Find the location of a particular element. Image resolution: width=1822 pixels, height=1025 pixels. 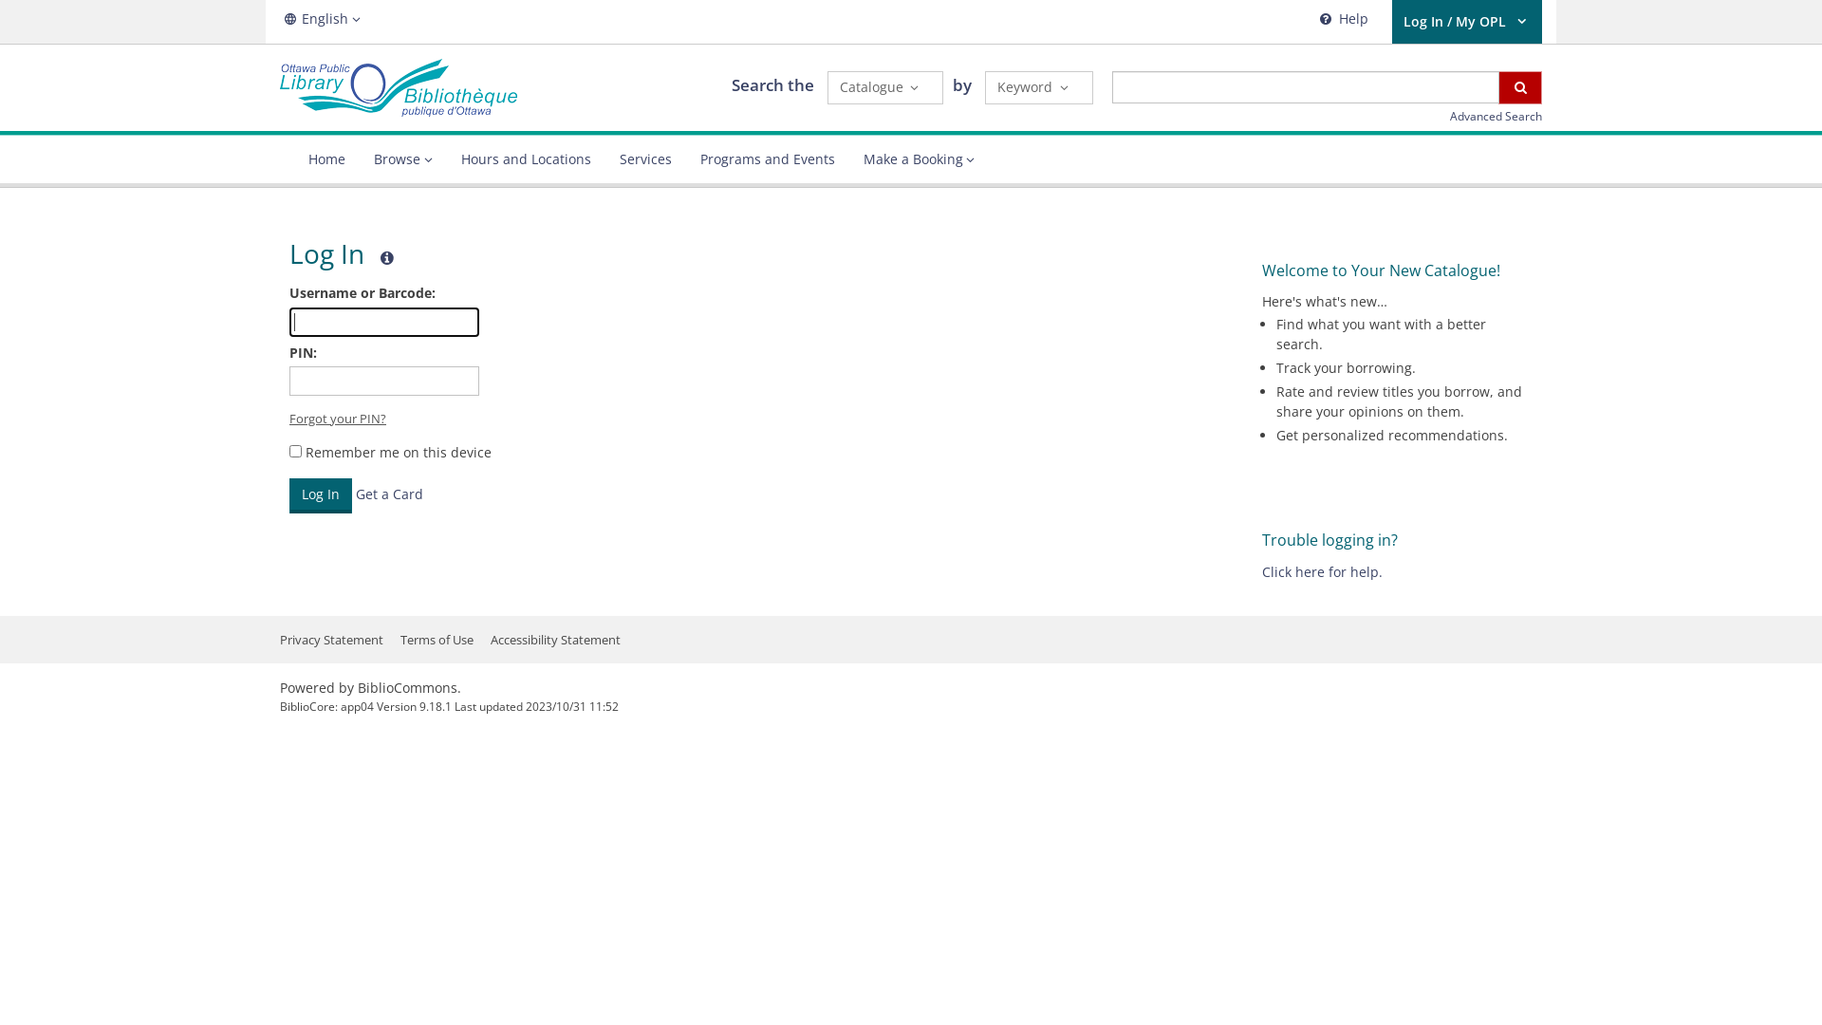

'Catalogue is located at coordinates (827, 87).